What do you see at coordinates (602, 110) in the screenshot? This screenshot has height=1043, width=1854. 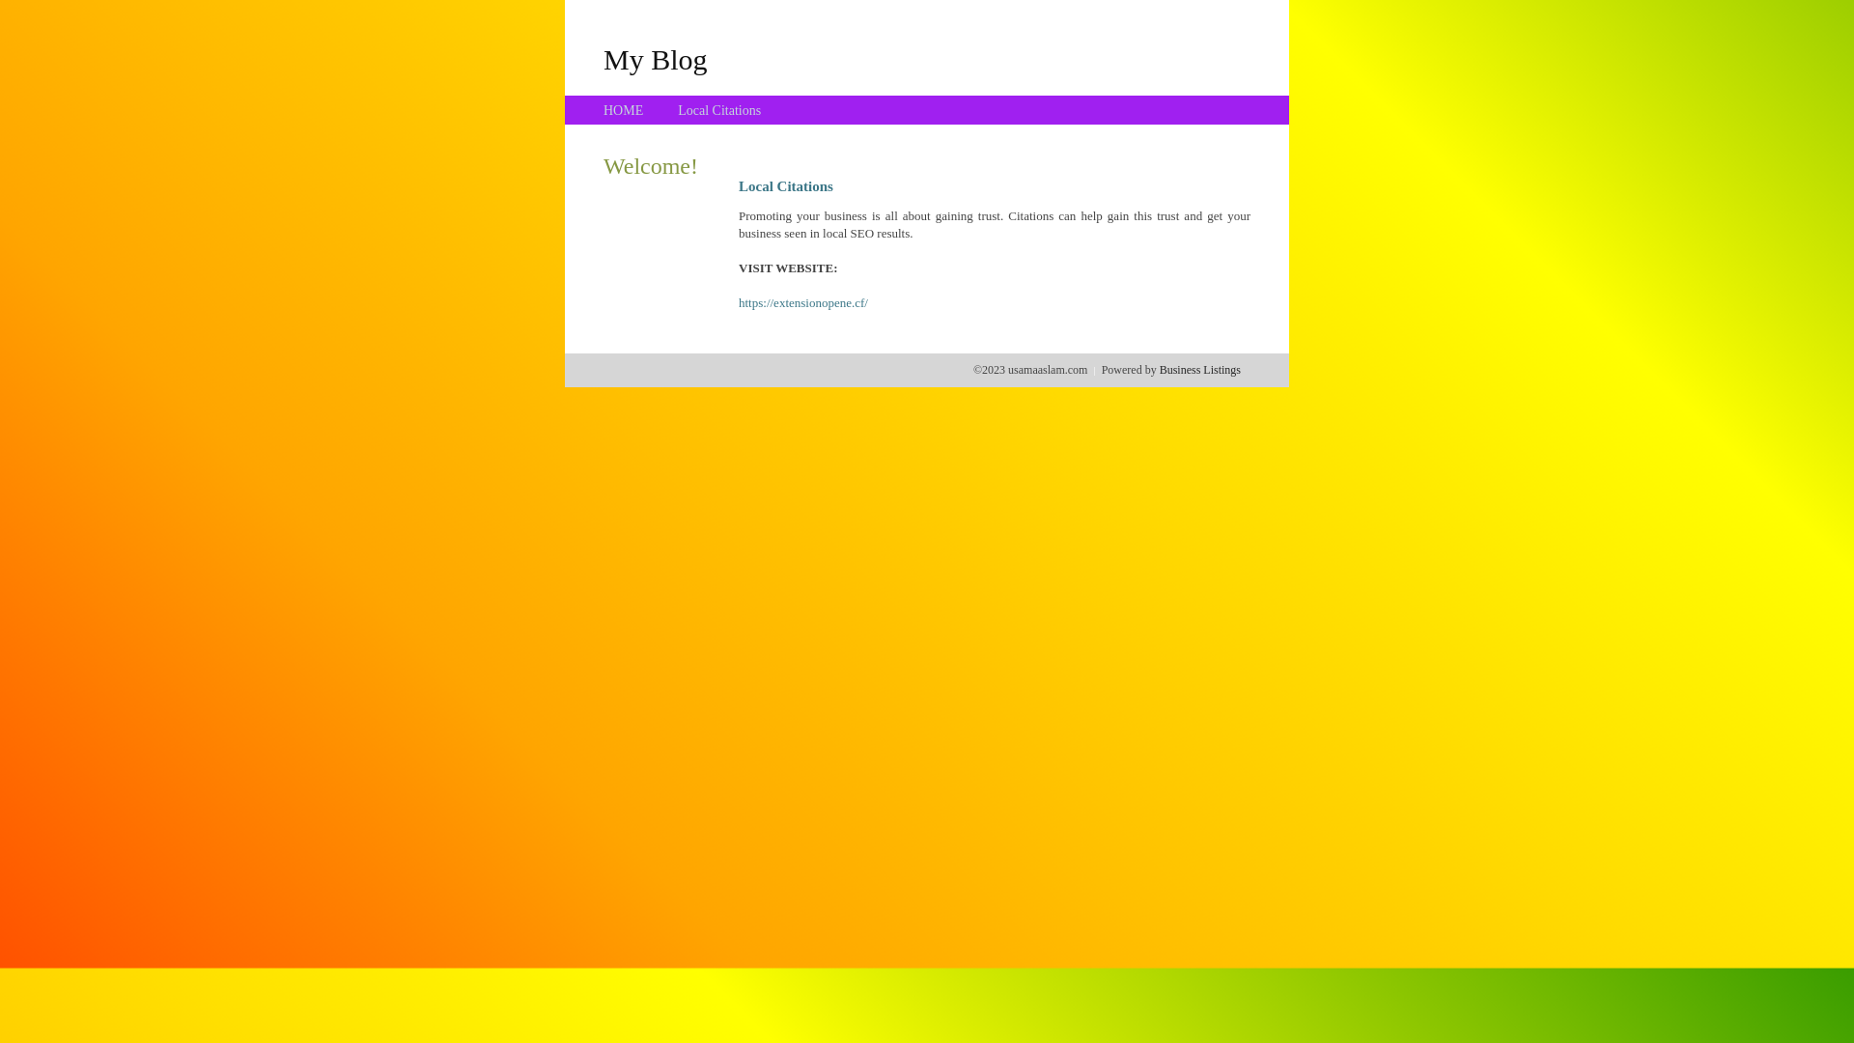 I see `'HOME'` at bounding box center [602, 110].